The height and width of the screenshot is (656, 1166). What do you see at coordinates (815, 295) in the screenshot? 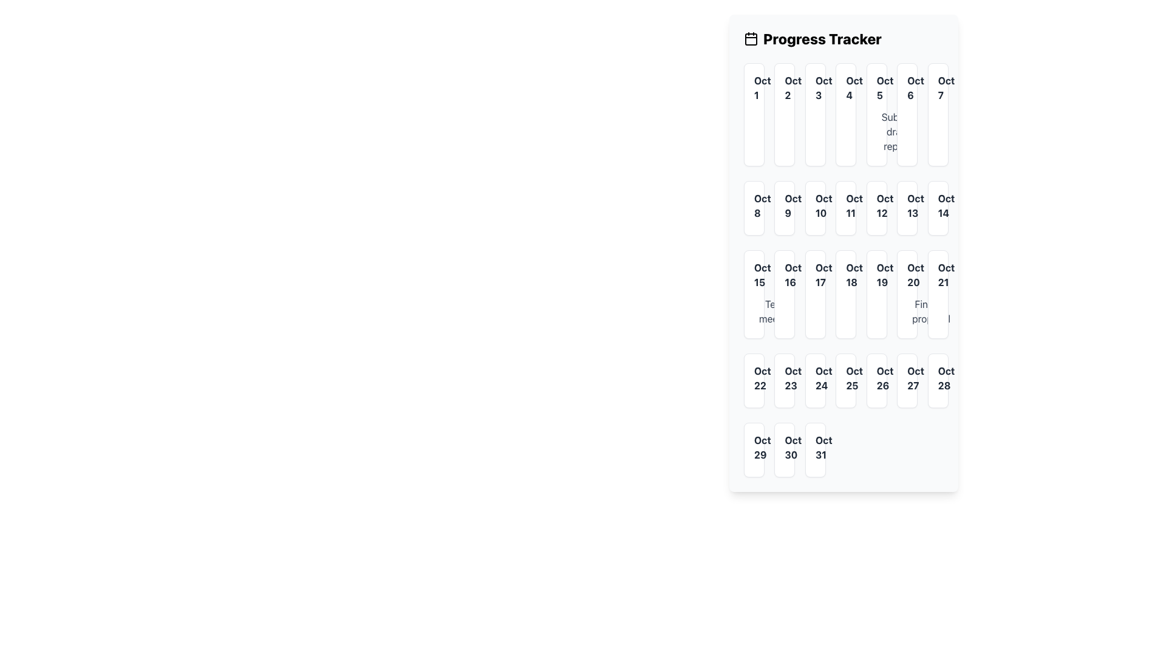
I see `the Date Box element displaying 'Oct 17', which is a rectangular box with rounded corners and a white background, located in the third row and third column of a grid calendar structure` at bounding box center [815, 295].